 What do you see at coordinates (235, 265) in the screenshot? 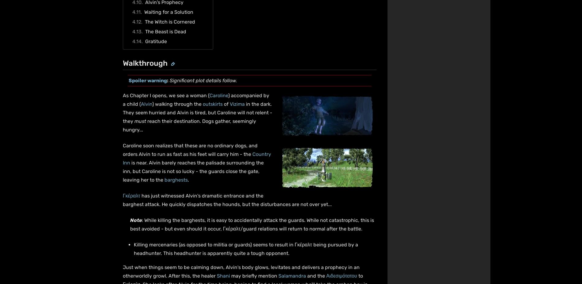
I see `'Contact'` at bounding box center [235, 265].